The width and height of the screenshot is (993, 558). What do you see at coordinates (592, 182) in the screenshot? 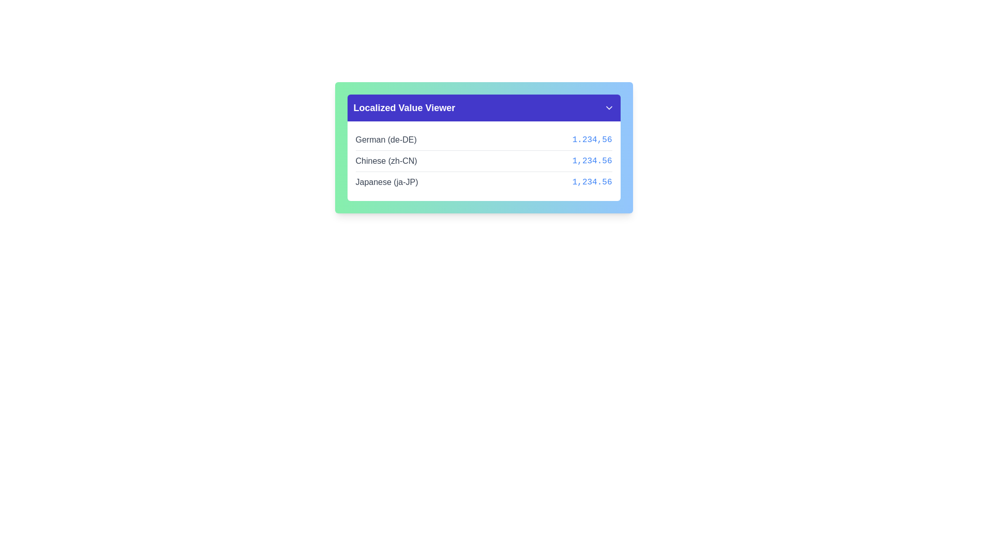
I see `the static text displaying the numeric value '1,234.56' in blue, located in the third row of the 'Localized Value Viewer' panel, adjacent to 'Japanese (ja-JP)'` at bounding box center [592, 182].